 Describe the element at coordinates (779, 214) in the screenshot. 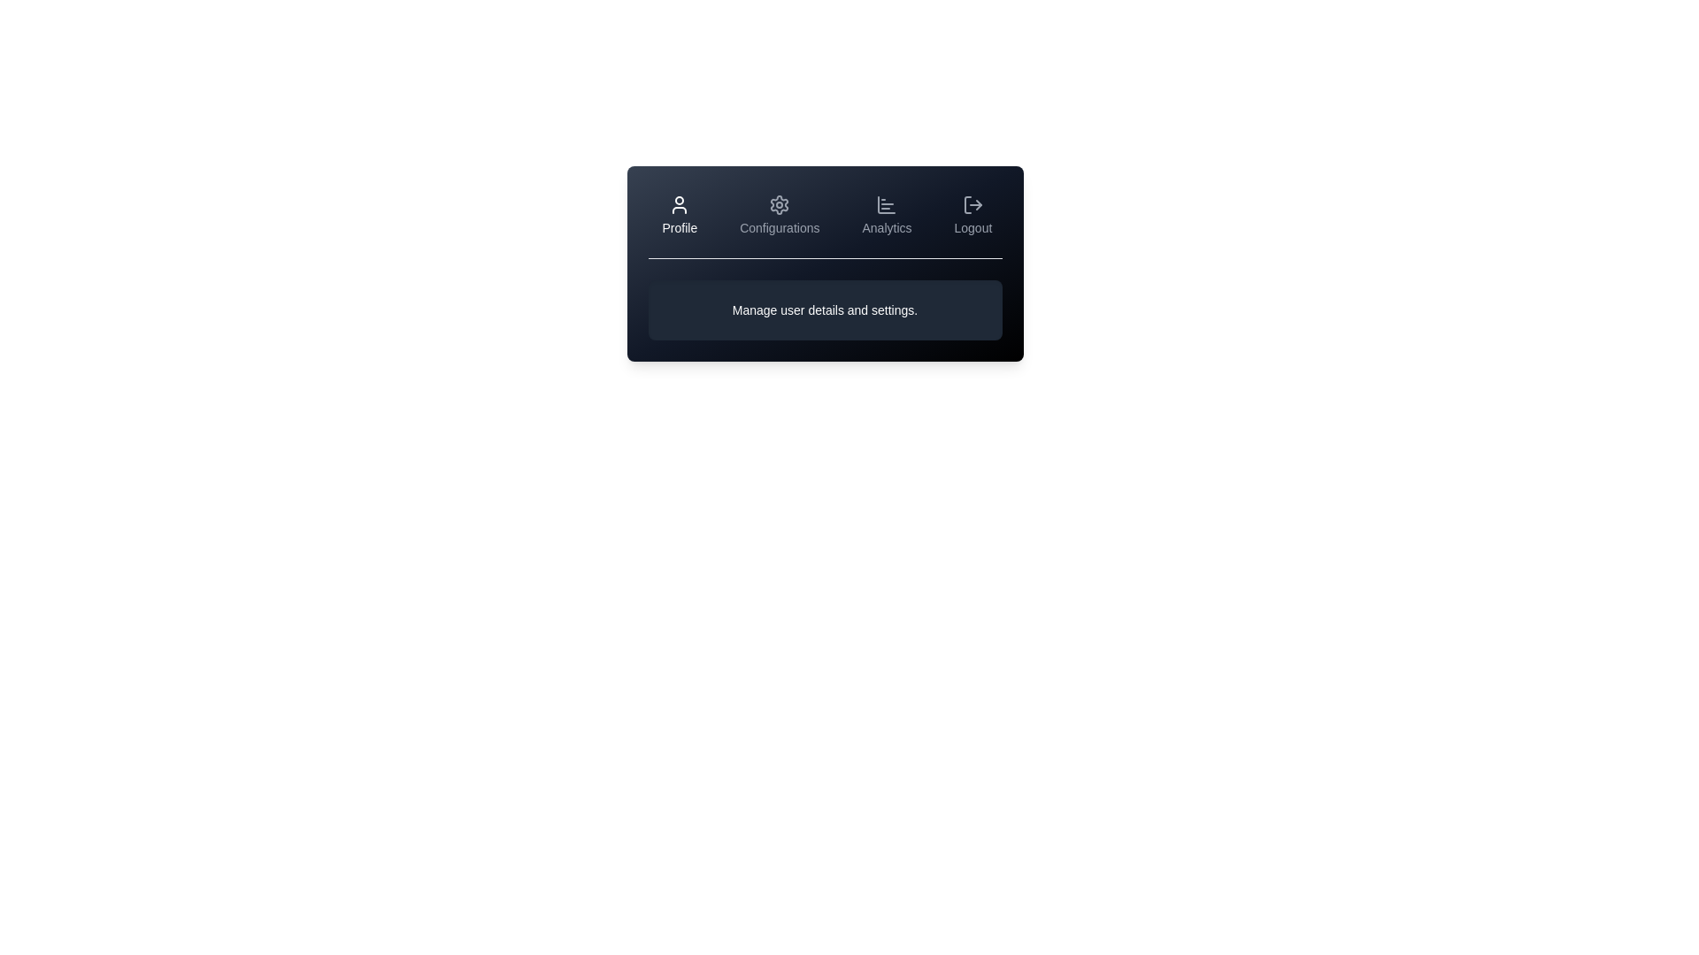

I see `the tab labeled Configurations` at that location.